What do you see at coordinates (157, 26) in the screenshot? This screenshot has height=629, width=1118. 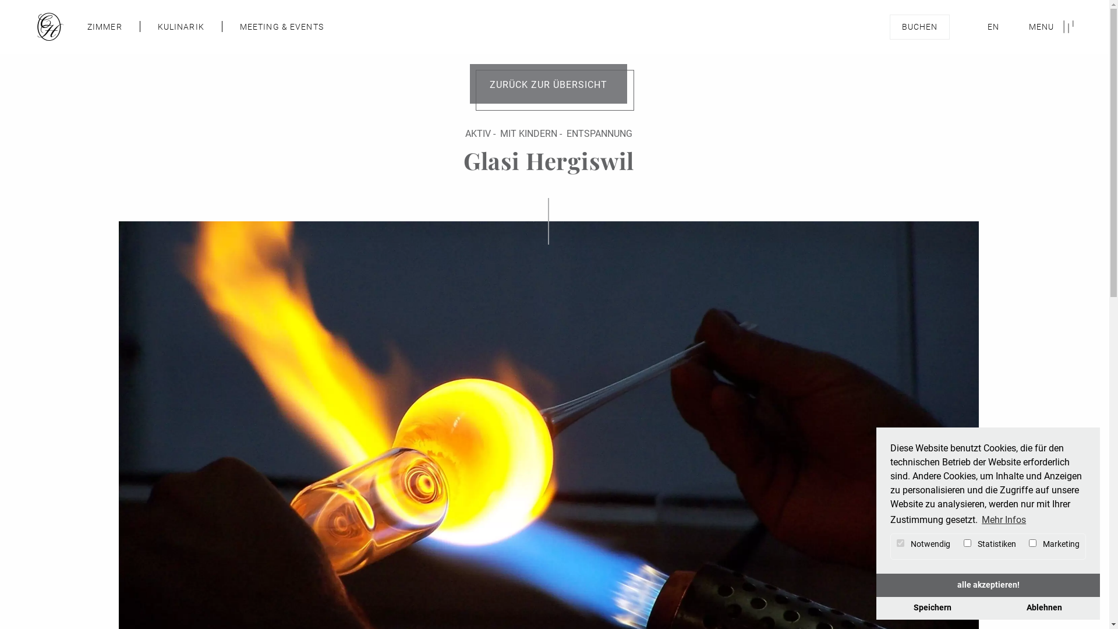 I see `'KULINARIK'` at bounding box center [157, 26].